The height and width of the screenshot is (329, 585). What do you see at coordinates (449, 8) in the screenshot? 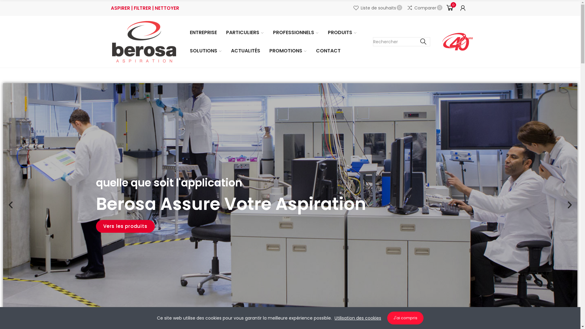
I see `'0'` at bounding box center [449, 8].